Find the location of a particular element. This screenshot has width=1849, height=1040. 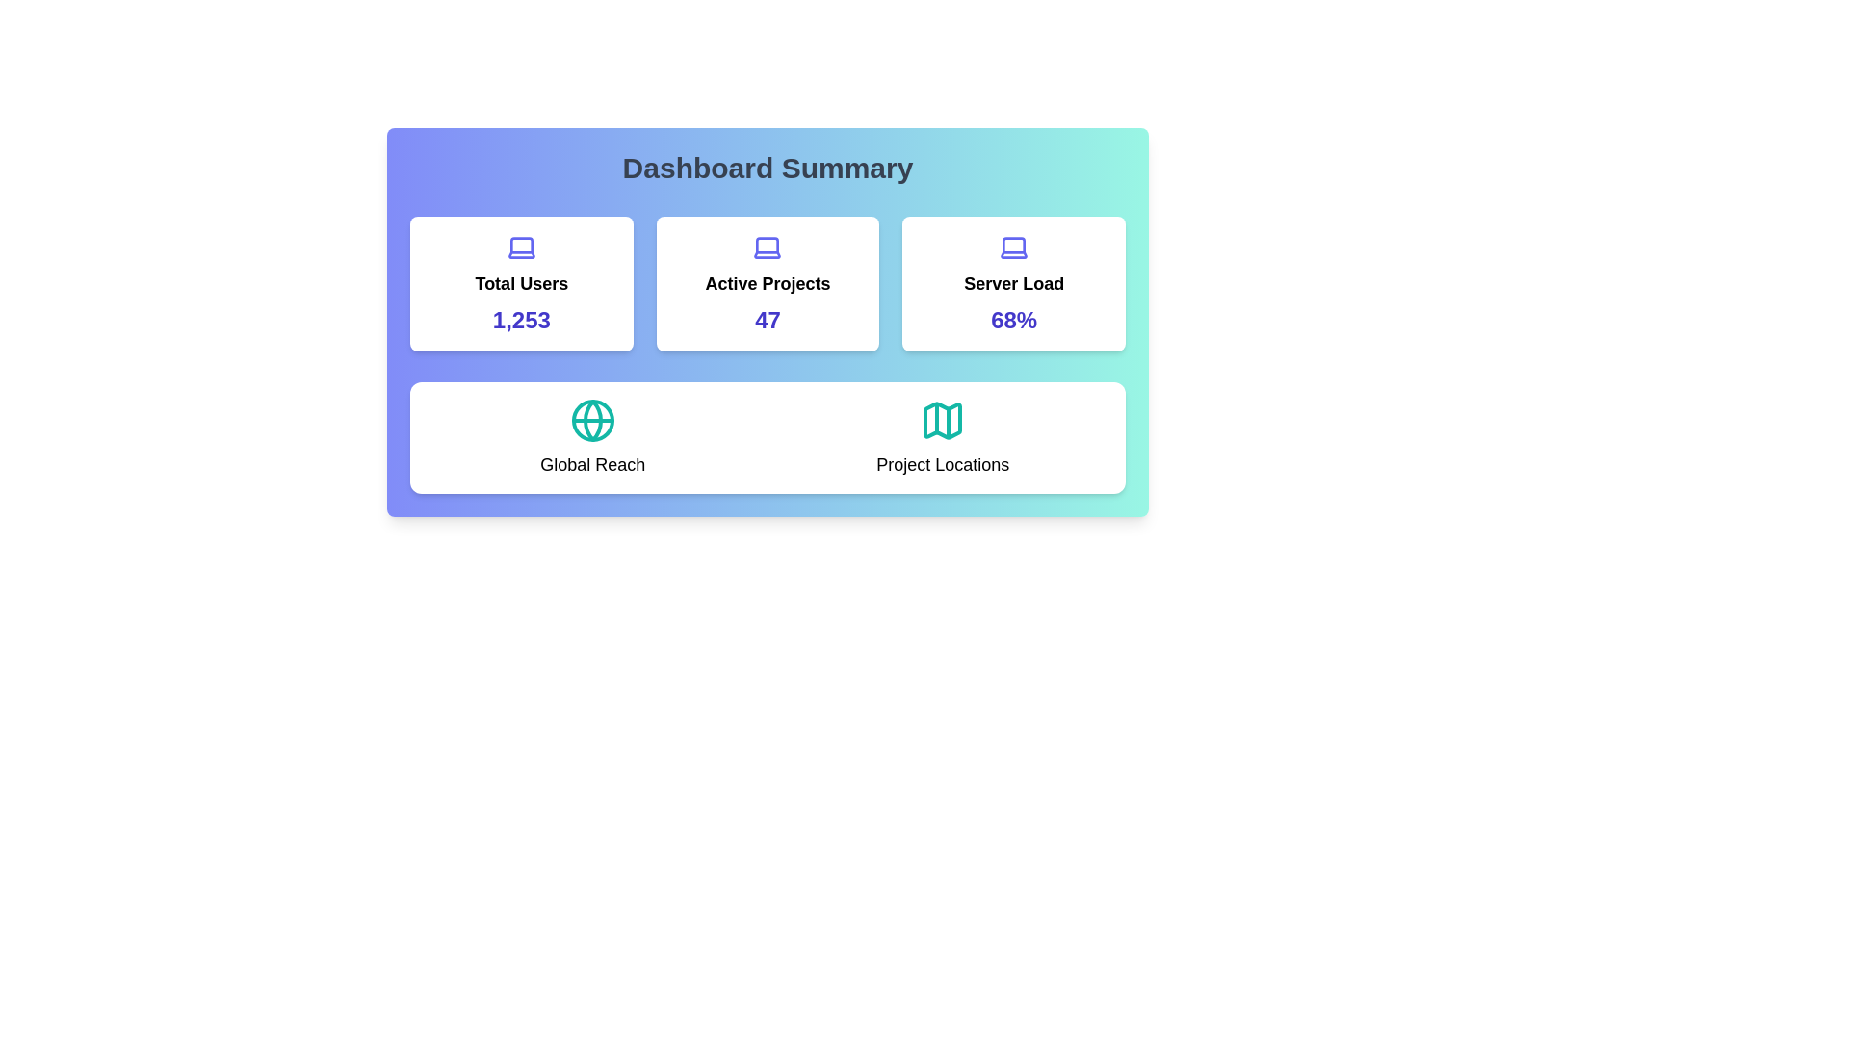

the 'Project Locations' text label, which is styled with a bold font and positioned below a map icon is located at coordinates (943, 464).